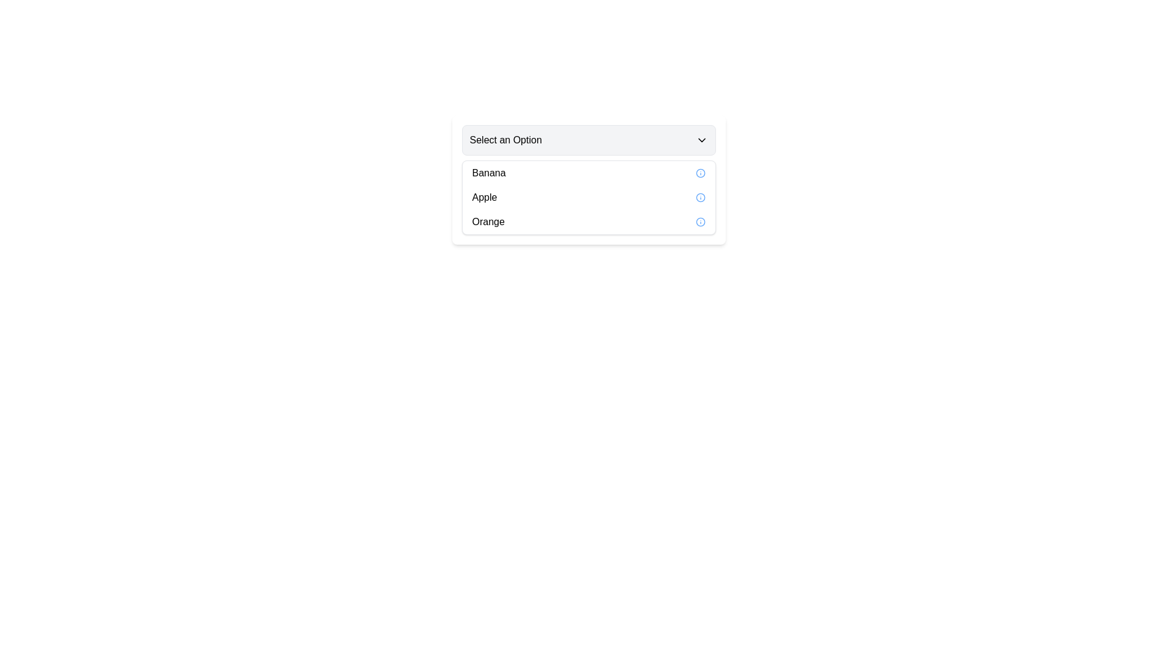 The height and width of the screenshot is (659, 1172). Describe the element at coordinates (700, 221) in the screenshot. I see `the information icon, which is a blue circled question mark located to the right of the 'Orange' option in the dropdown menu` at that location.